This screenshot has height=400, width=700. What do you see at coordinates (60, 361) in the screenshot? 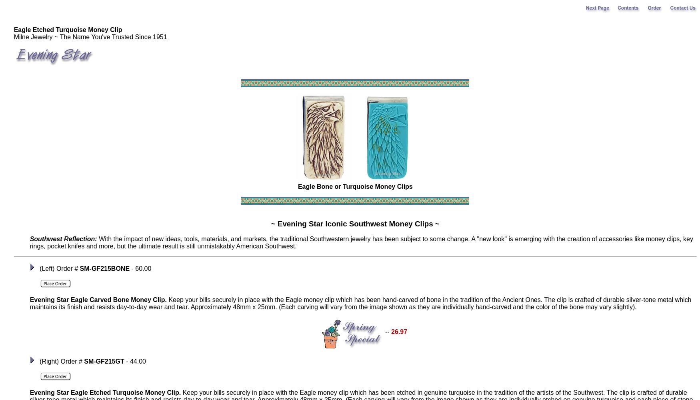
I see `'(Right)
      Order #'` at bounding box center [60, 361].